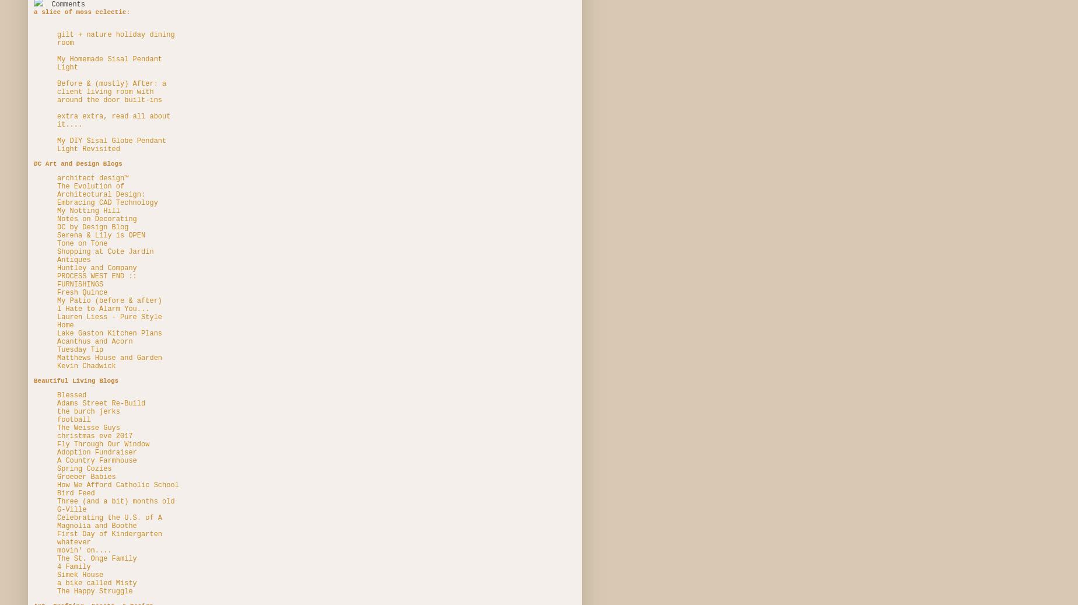 This screenshot has height=605, width=1078. Describe the element at coordinates (111, 91) in the screenshot. I see `'Before & (mostly) After: a client living room with around the door built-ins'` at that location.